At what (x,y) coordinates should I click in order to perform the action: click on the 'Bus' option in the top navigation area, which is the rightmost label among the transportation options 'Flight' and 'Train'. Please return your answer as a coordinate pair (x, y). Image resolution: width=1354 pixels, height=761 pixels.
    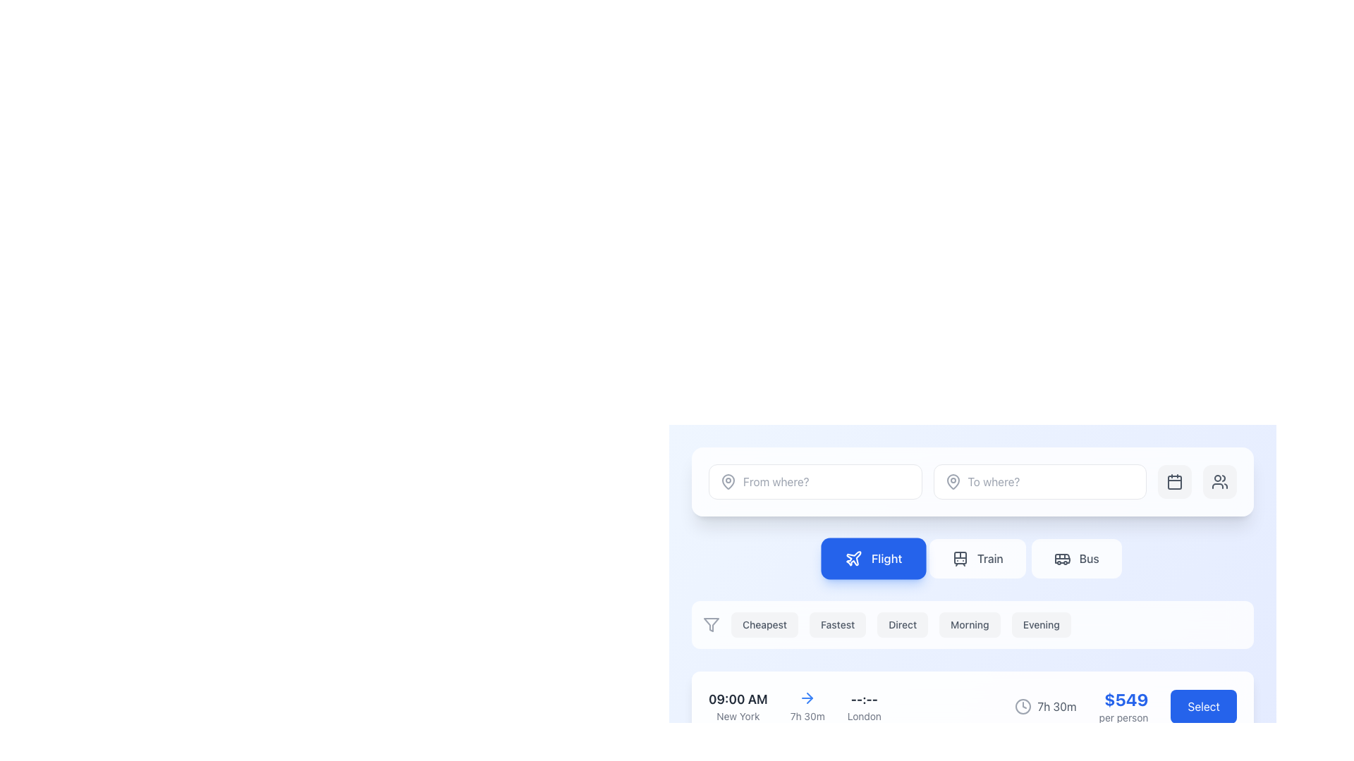
    Looking at the image, I should click on (1088, 558).